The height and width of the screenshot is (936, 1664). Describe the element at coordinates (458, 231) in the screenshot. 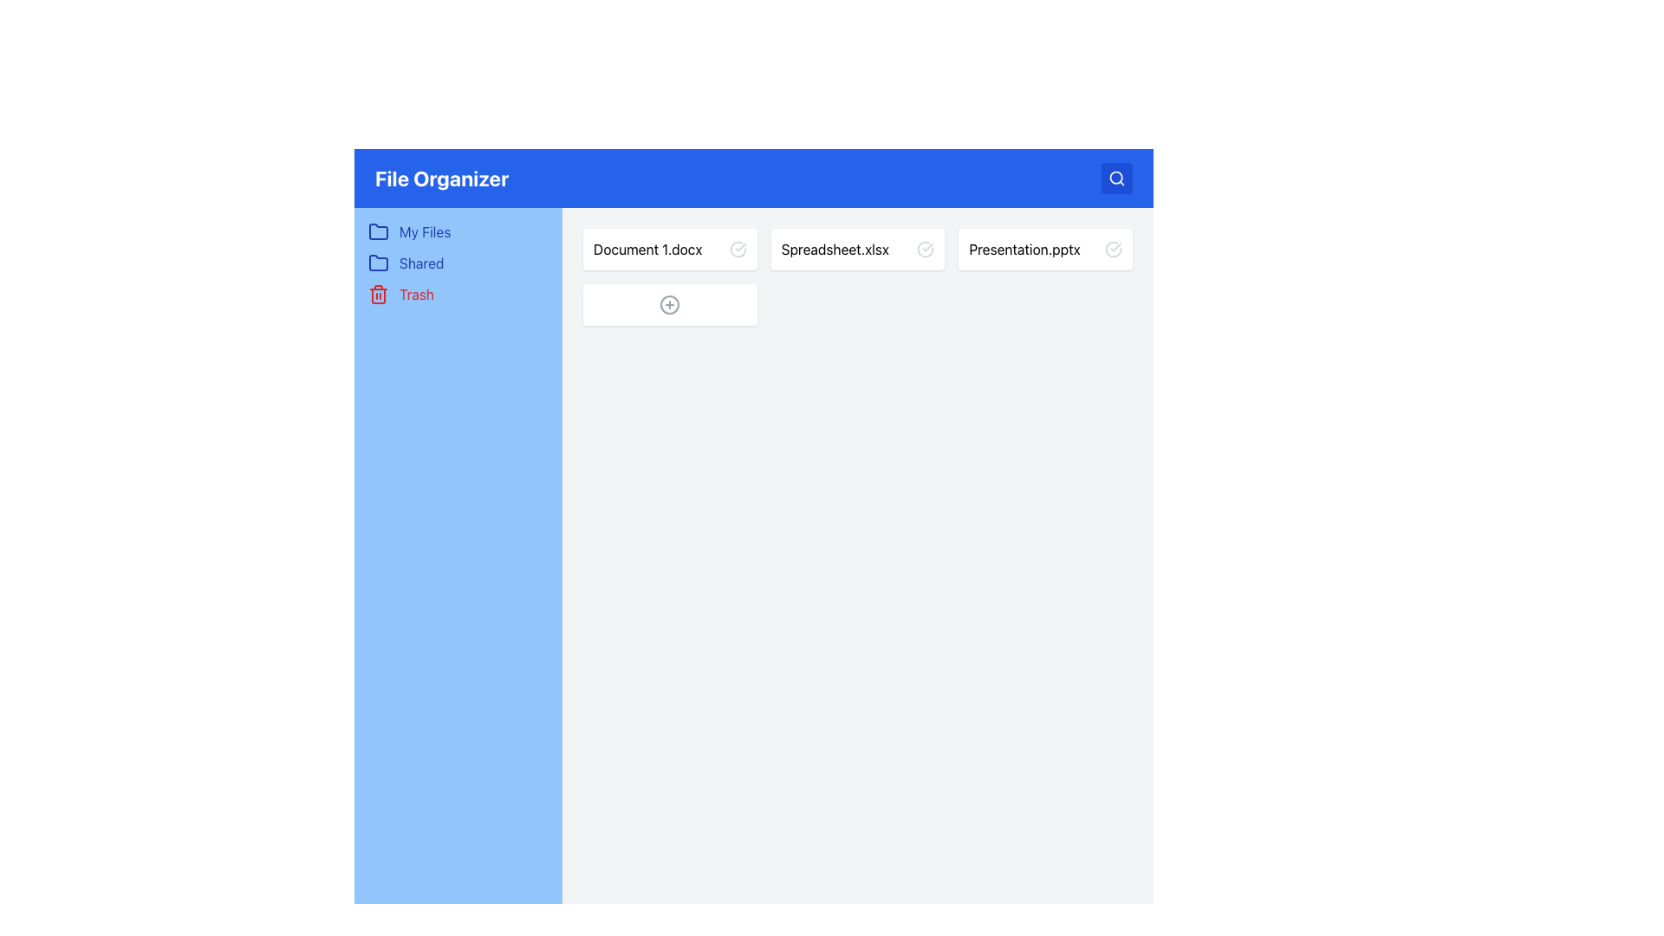

I see `the topmost menu item in the left vertical menu that represents the user's file directory` at that location.